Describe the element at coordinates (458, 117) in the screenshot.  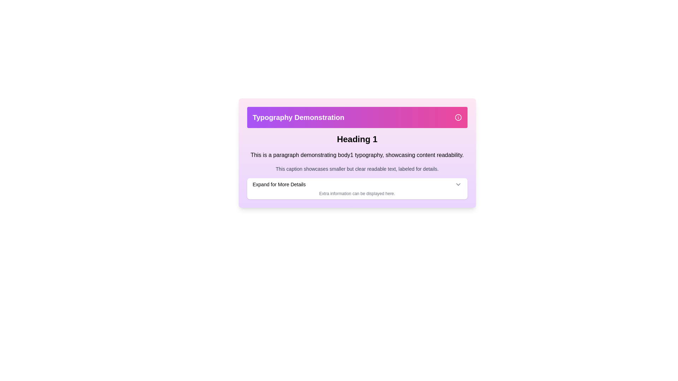
I see `the SVG vector graphic circle that is part of the information icon in the top-right corner of the purple header bar, which provides visual context about the section labeled 'Typography Demonstration.'` at that location.